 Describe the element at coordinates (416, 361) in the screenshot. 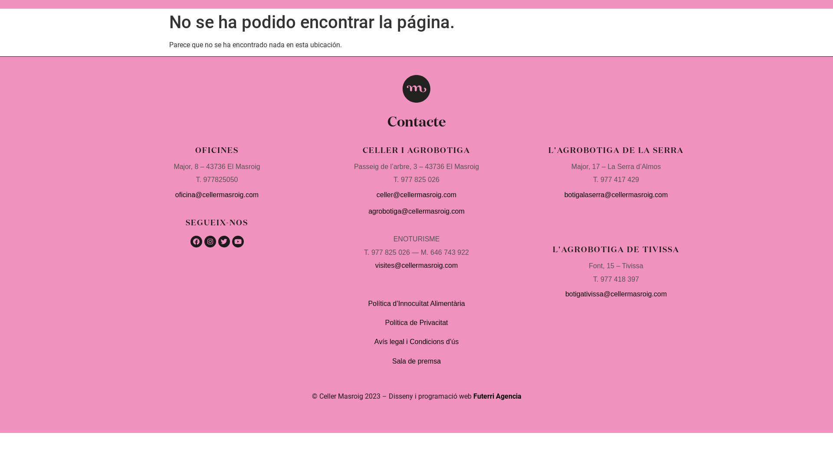

I see `'Sala de premsa'` at that location.